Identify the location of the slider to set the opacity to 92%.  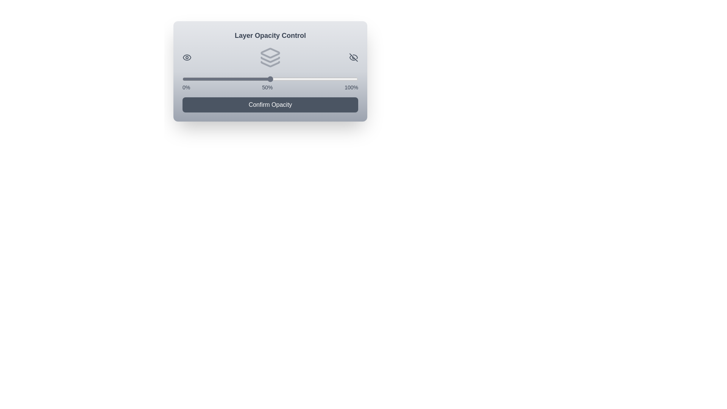
(343, 79).